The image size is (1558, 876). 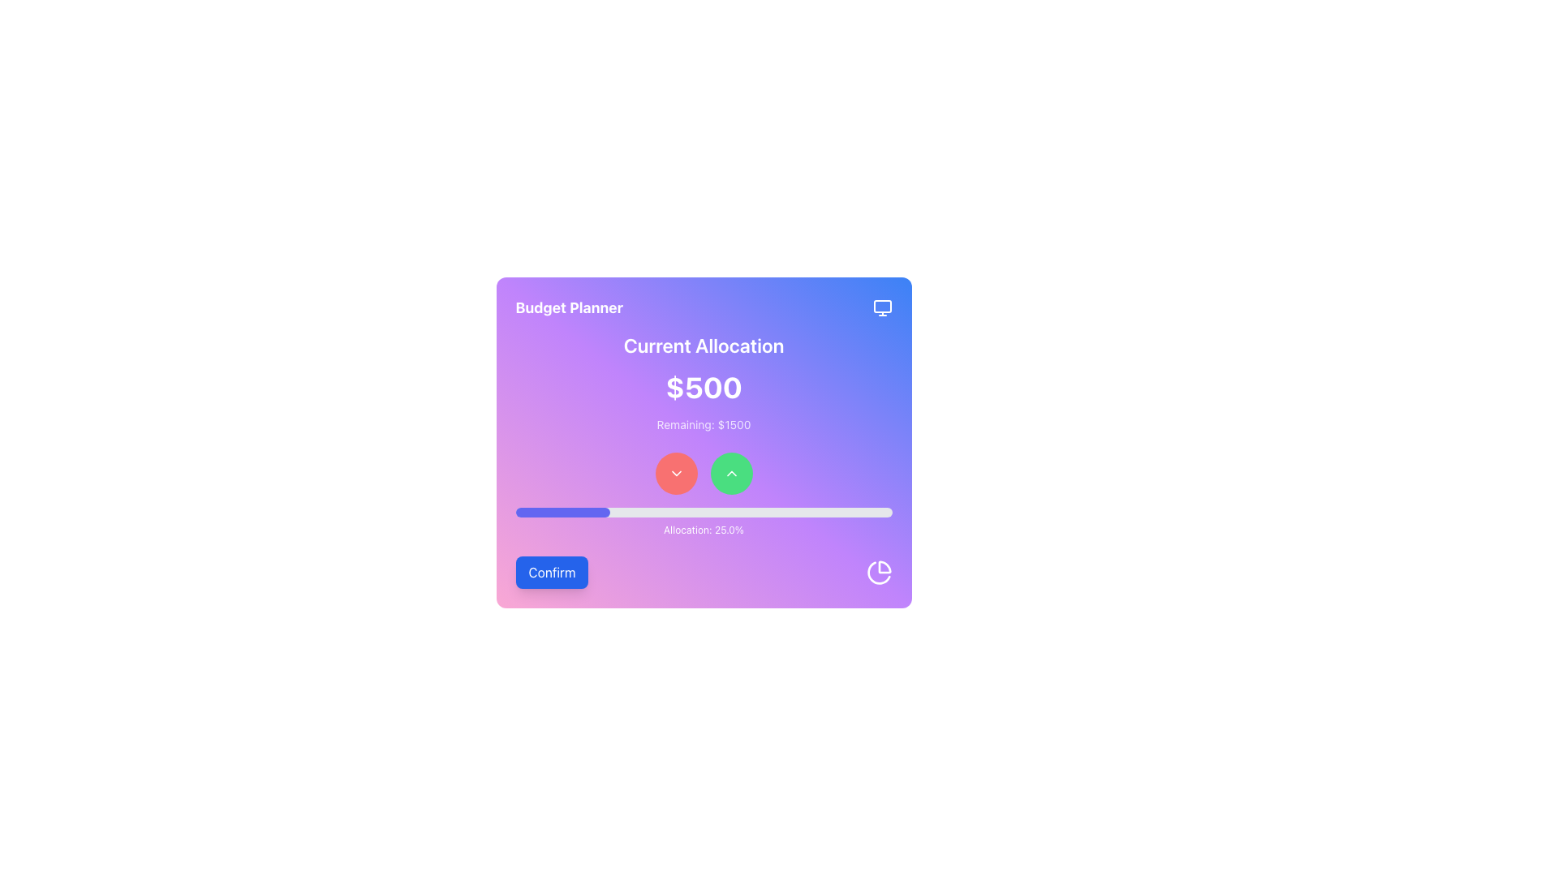 What do you see at coordinates (562, 513) in the screenshot?
I see `the progress bar that is filled with a purple segmented indicator, which spans approximately 25% of its total width, located below the increment and decrement buttons` at bounding box center [562, 513].